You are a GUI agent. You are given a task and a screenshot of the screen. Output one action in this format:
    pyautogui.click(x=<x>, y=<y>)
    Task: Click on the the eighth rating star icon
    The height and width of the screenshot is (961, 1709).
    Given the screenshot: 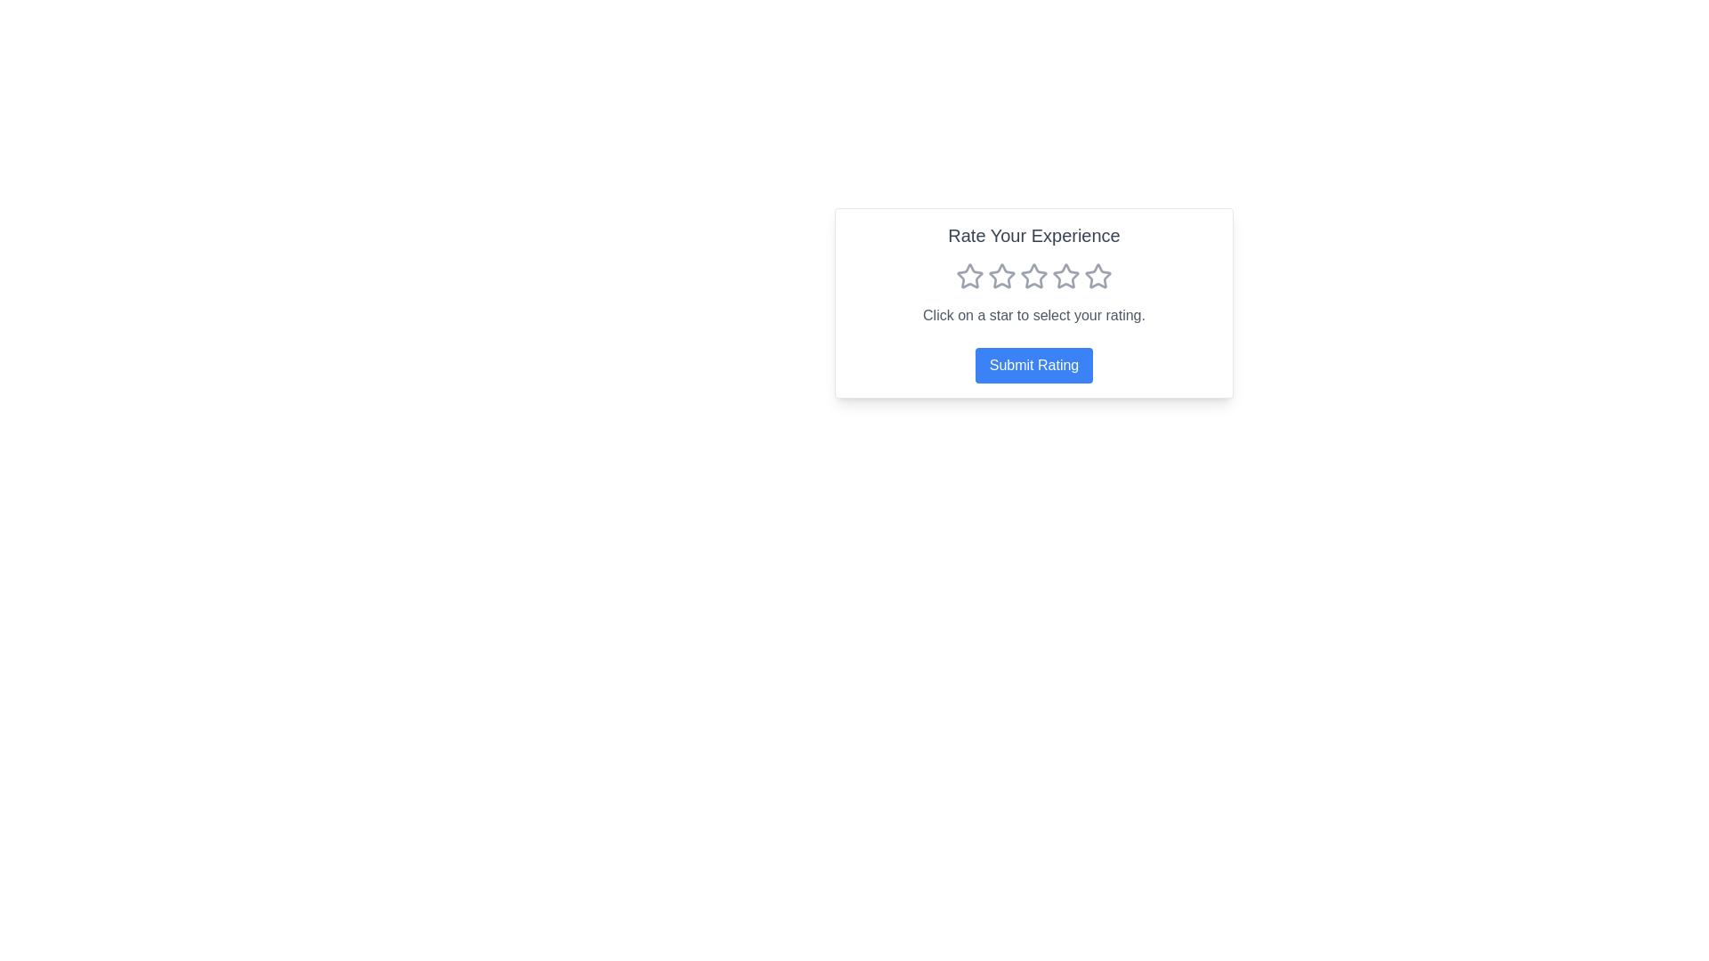 What is the action you would take?
    pyautogui.click(x=1097, y=277)
    